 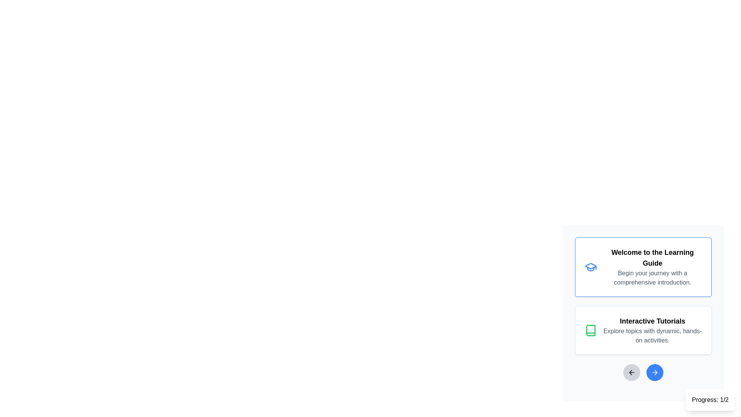 What do you see at coordinates (631, 372) in the screenshot?
I see `the leftward pointing arrow icon button with a gray circular background` at bounding box center [631, 372].